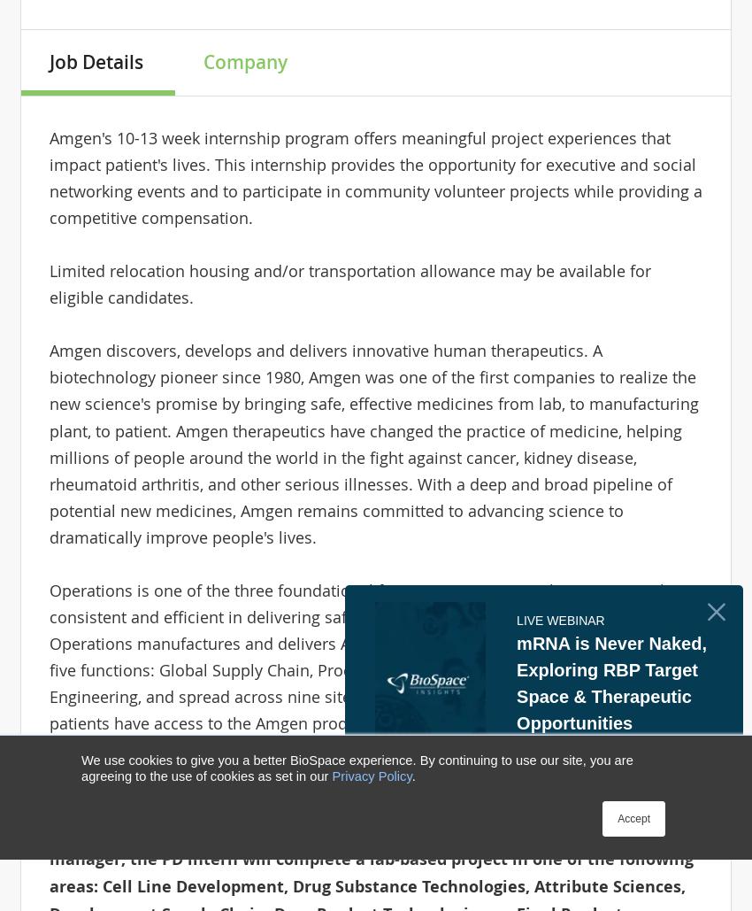 This screenshot has height=911, width=752. Describe the element at coordinates (202, 61) in the screenshot. I see `'Company'` at that location.